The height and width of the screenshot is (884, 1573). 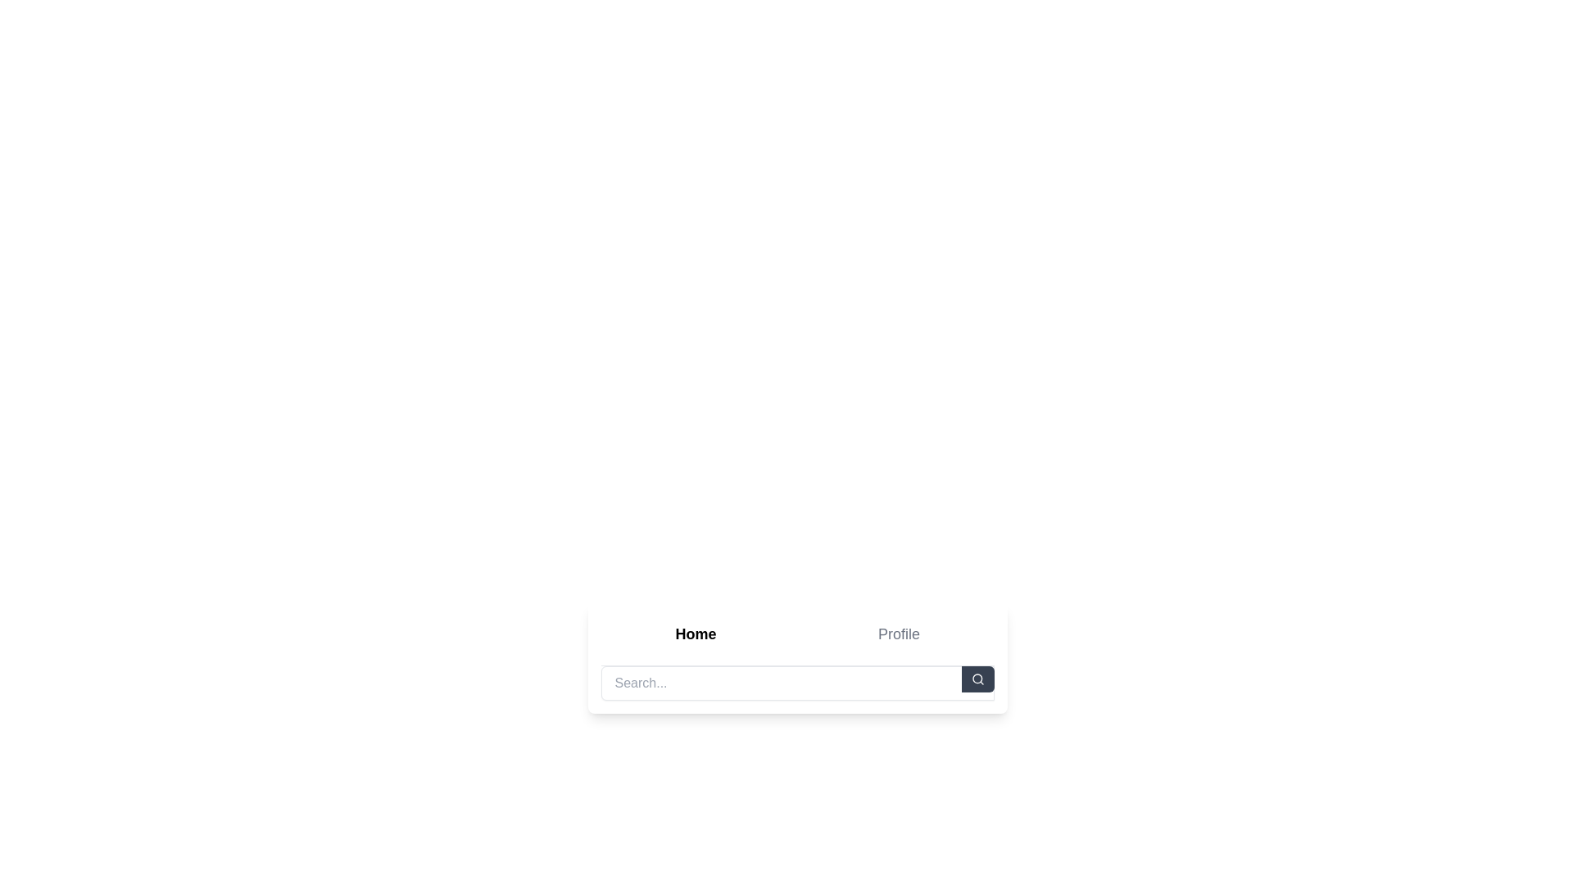 I want to click on the Tab selection area that allows toggling between Home and Profile views, so click(x=797, y=640).